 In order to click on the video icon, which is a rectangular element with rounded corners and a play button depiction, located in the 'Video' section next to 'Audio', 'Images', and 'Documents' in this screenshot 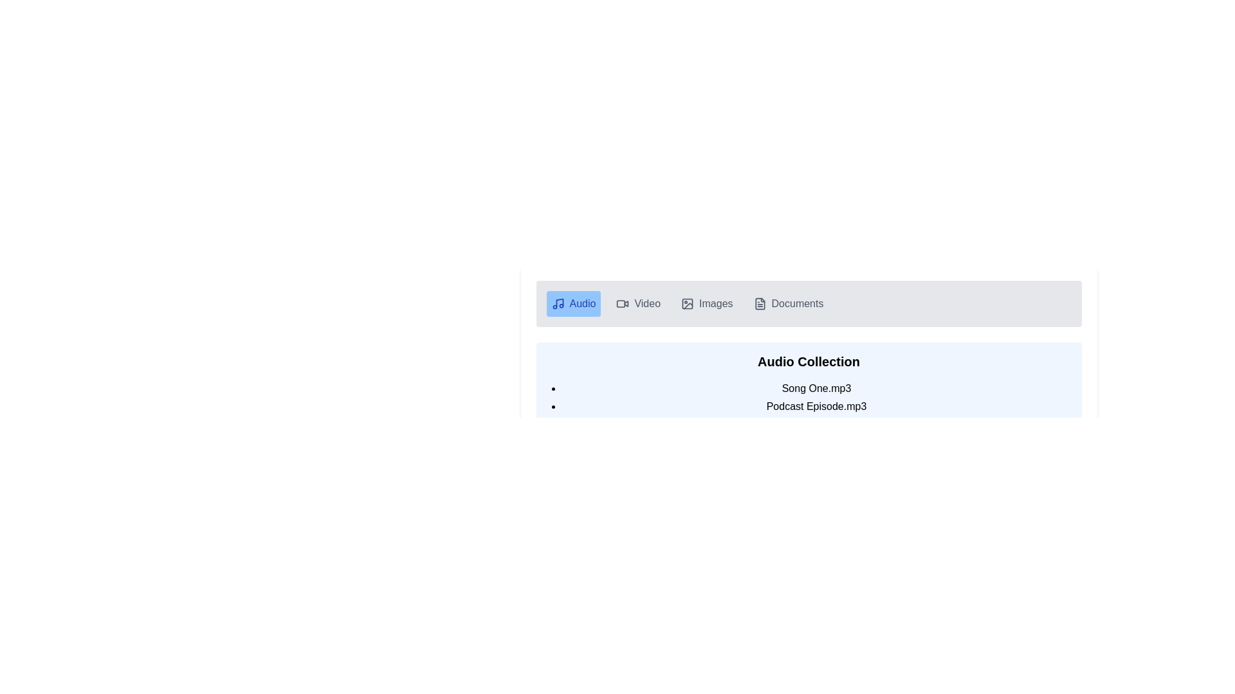, I will do `click(623, 304)`.